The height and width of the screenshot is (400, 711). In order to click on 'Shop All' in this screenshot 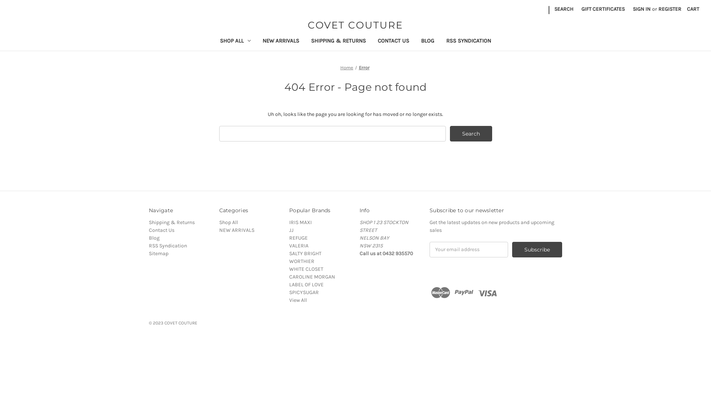, I will do `click(218, 222)`.